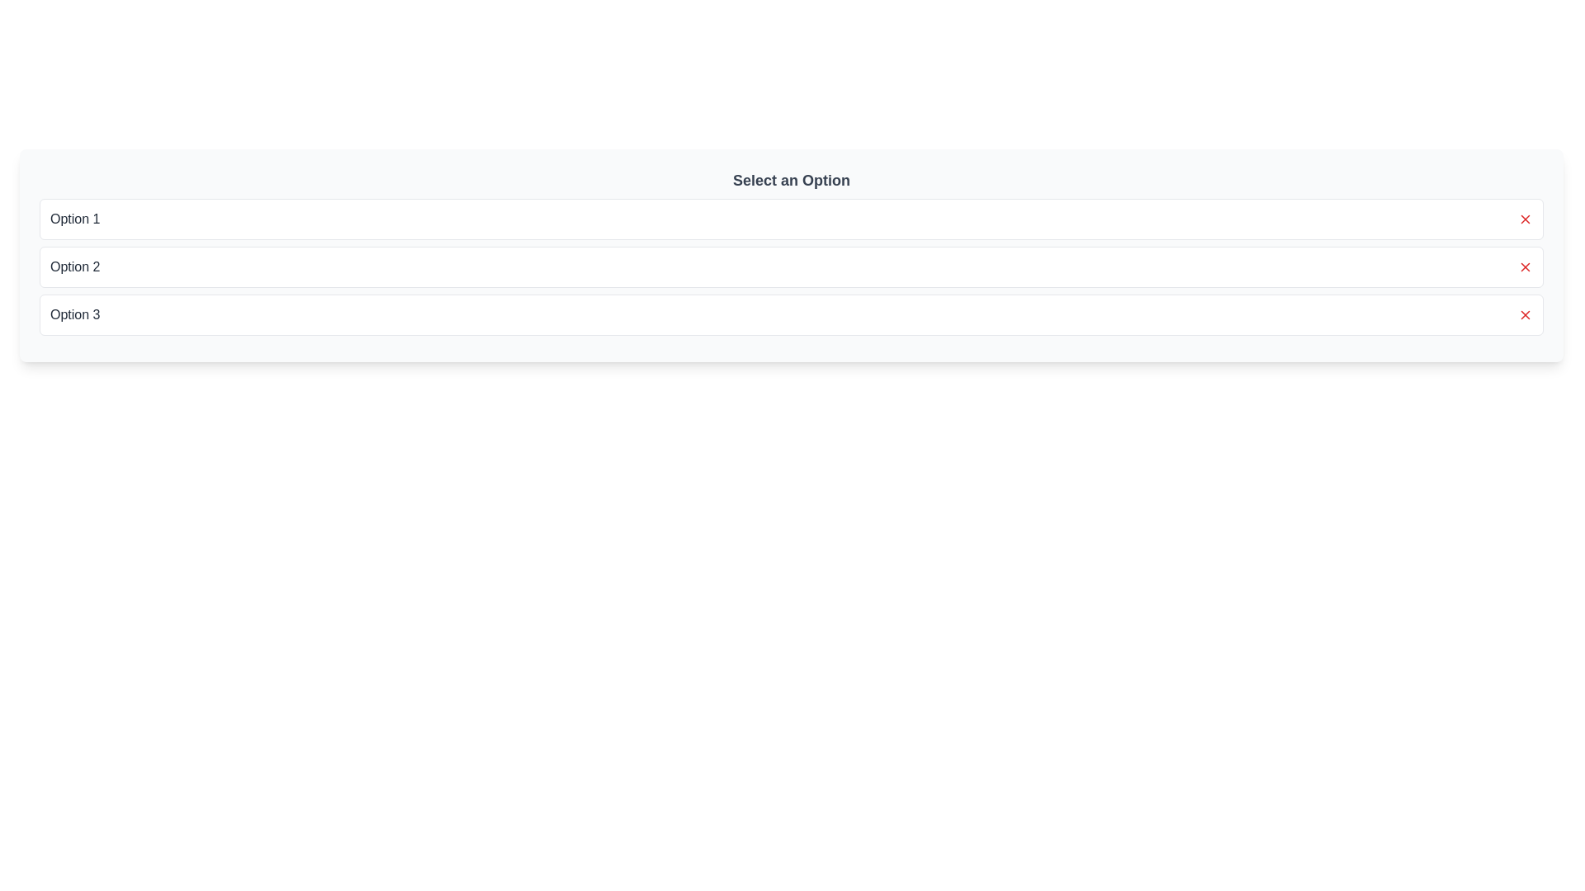  I want to click on the selectable list item displaying 'Option 2' with a red 'x' icon, so click(791, 266).